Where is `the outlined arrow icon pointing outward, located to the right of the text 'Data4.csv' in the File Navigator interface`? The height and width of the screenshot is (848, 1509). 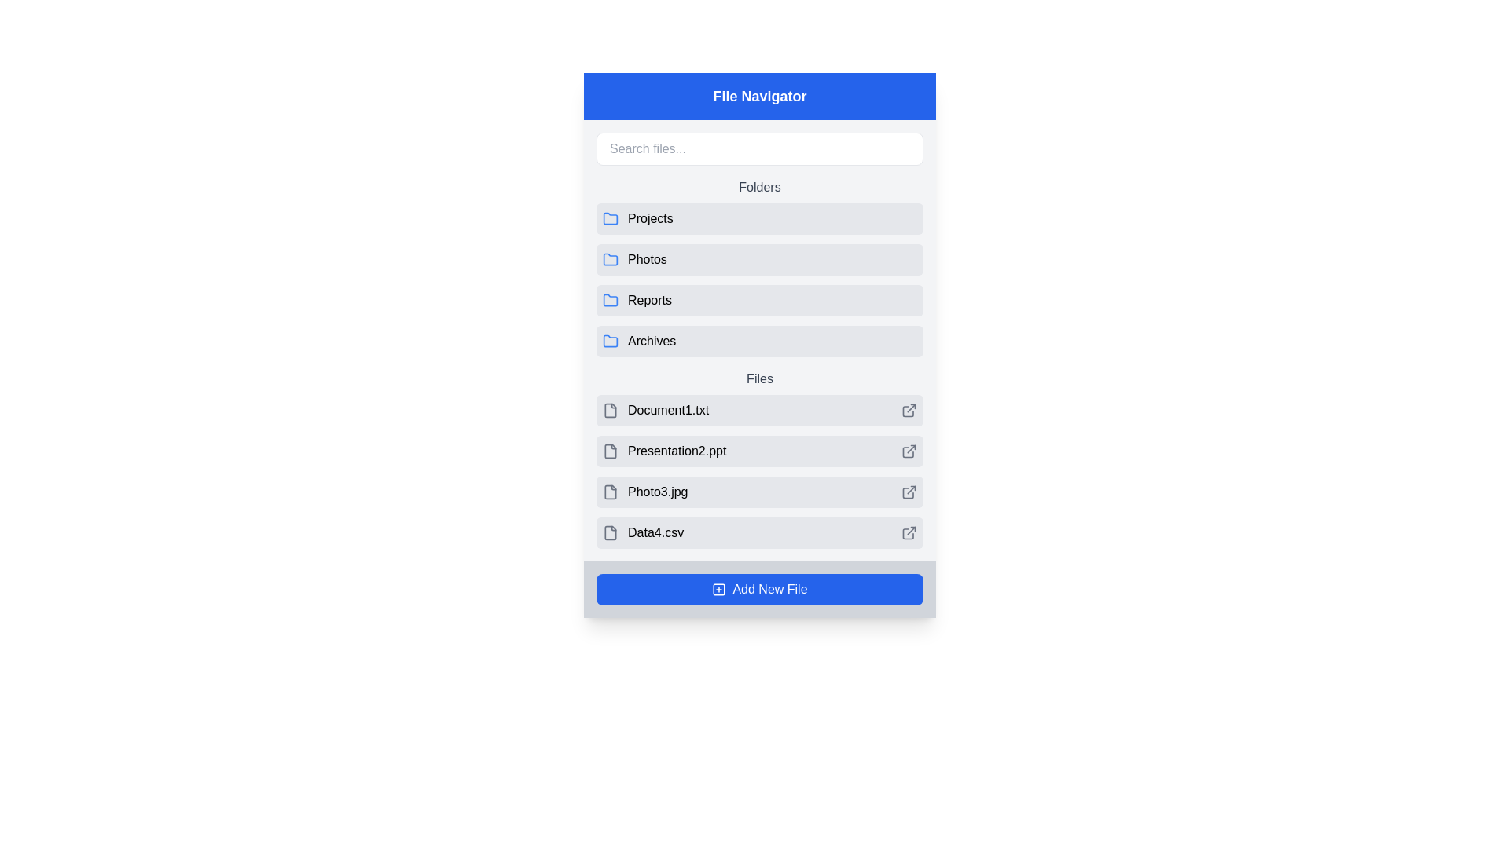
the outlined arrow icon pointing outward, located to the right of the text 'Data4.csv' in the File Navigator interface is located at coordinates (909, 532).